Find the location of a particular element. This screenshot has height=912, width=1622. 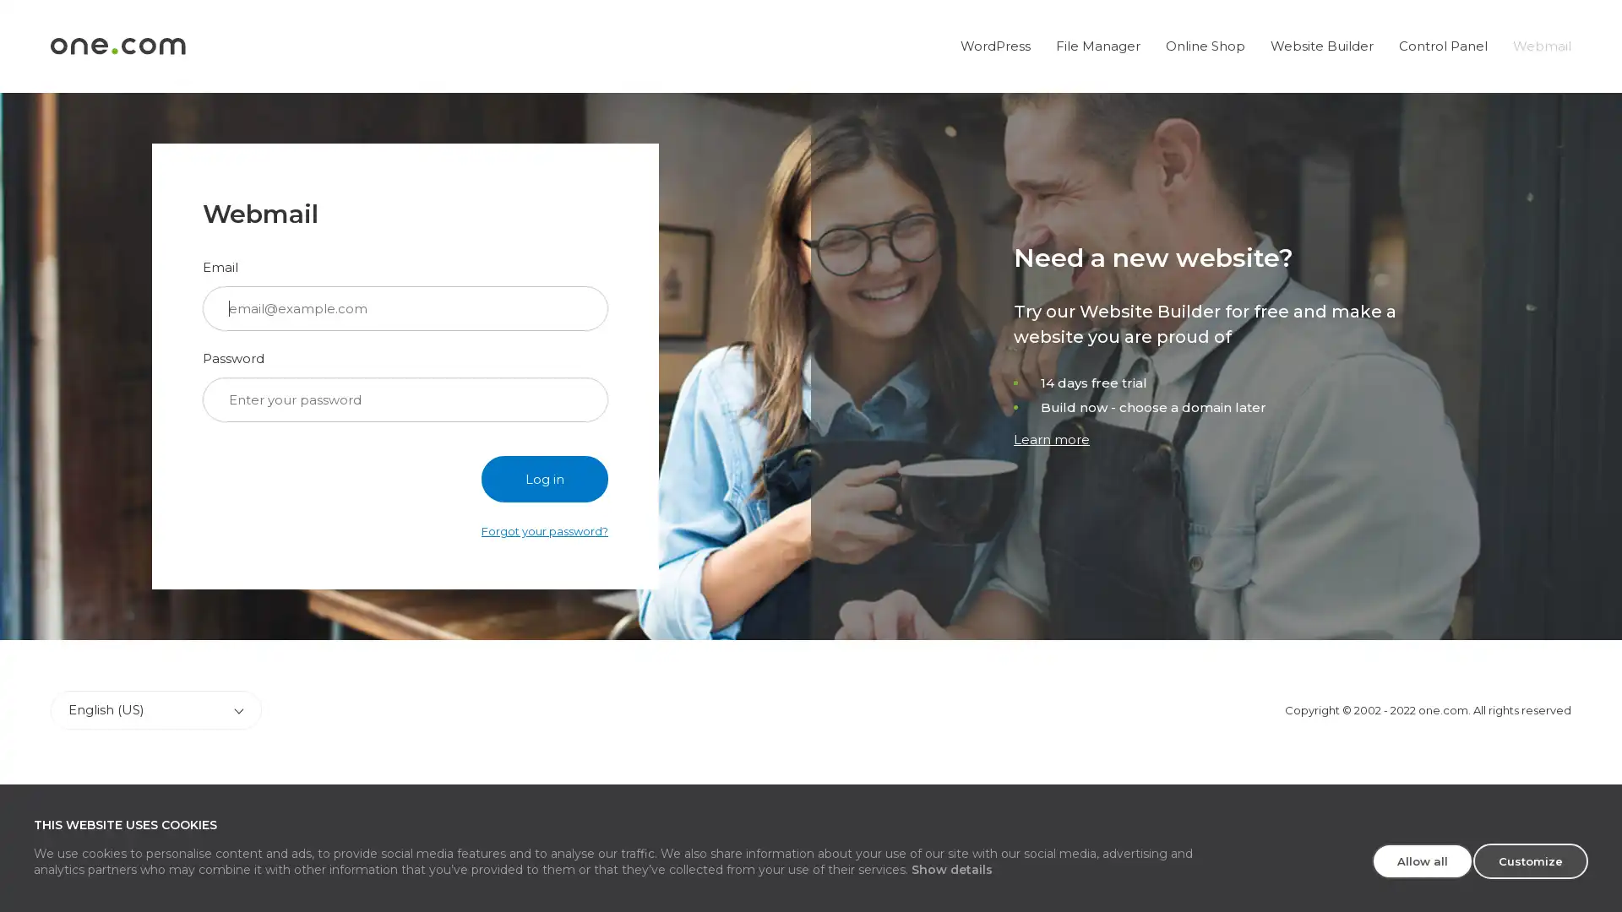

Log in is located at coordinates (544, 479).